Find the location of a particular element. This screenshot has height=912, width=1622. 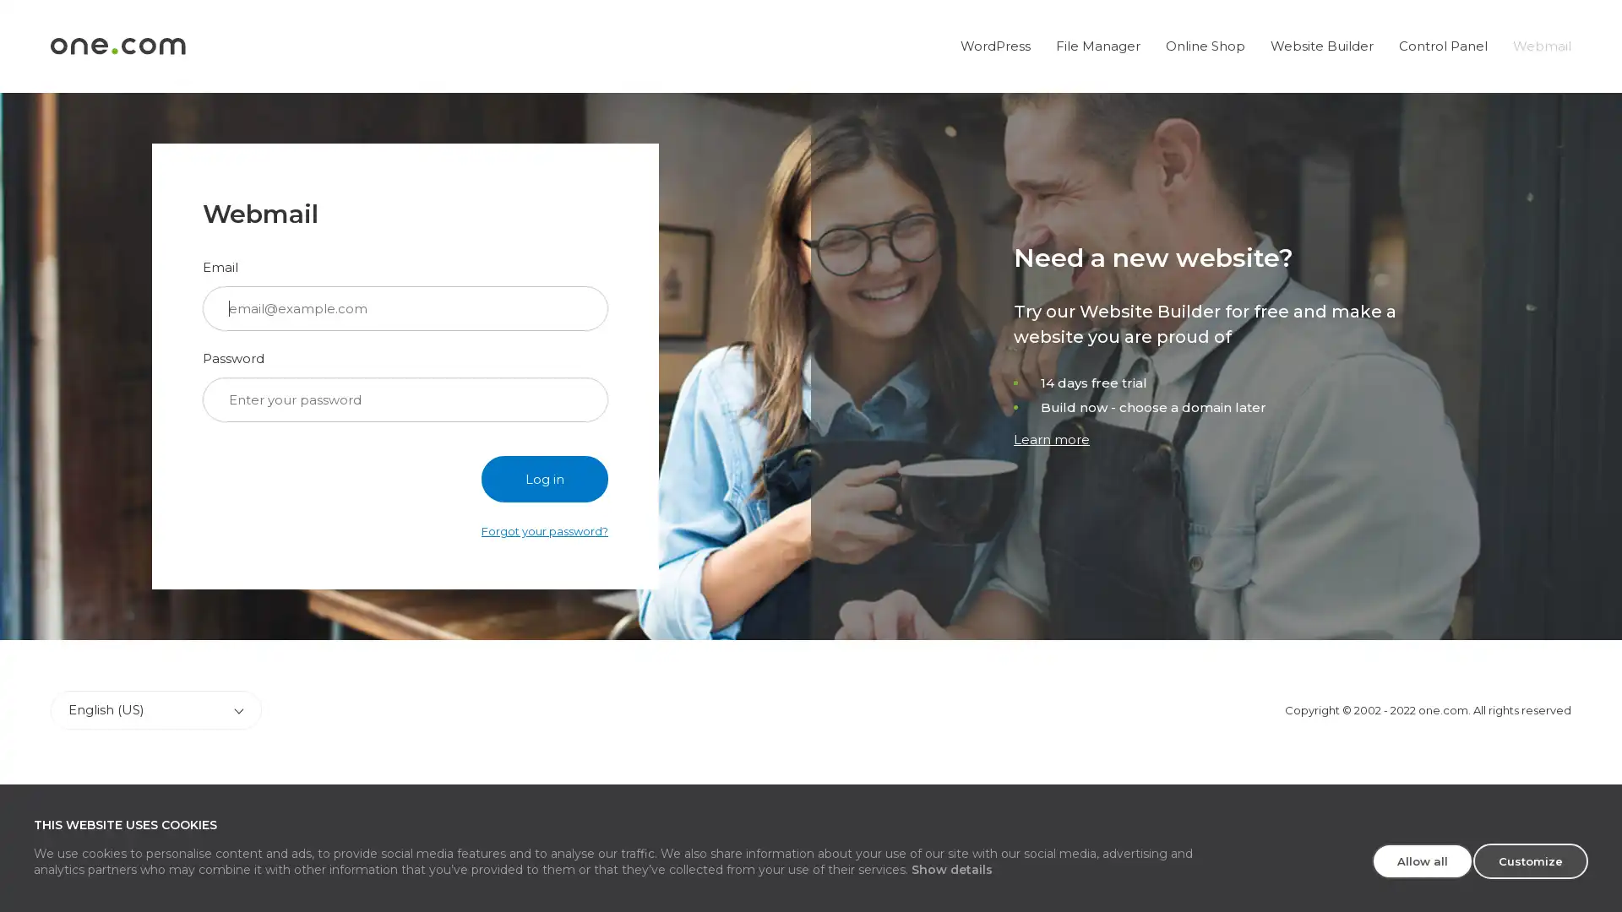

Log in is located at coordinates (544, 479).